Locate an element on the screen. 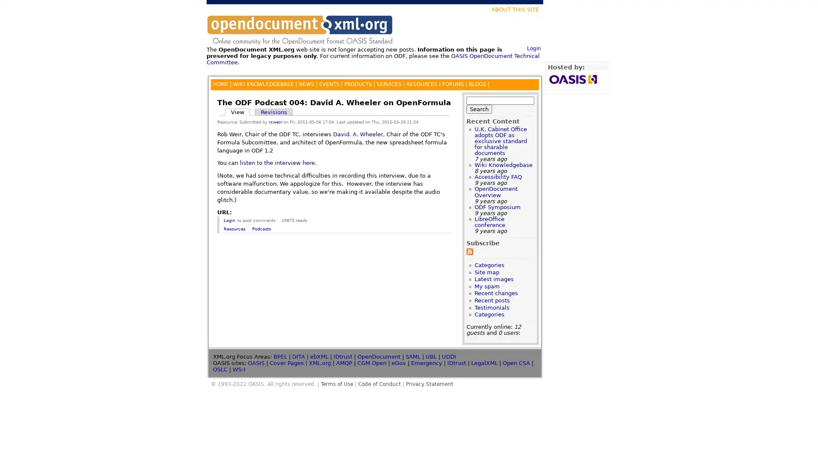 The height and width of the screenshot is (460, 818). Search is located at coordinates (479, 108).